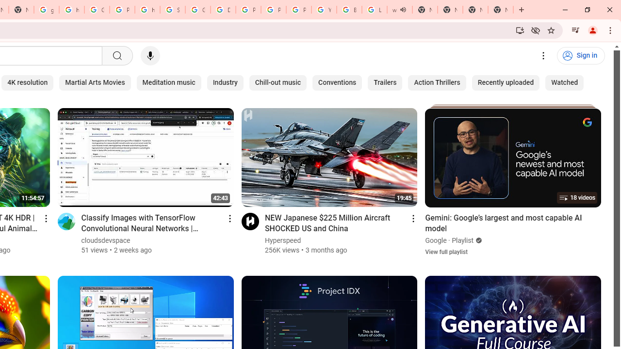  Describe the element at coordinates (273, 10) in the screenshot. I see `'Privacy Help Center - Policies Help'` at that location.